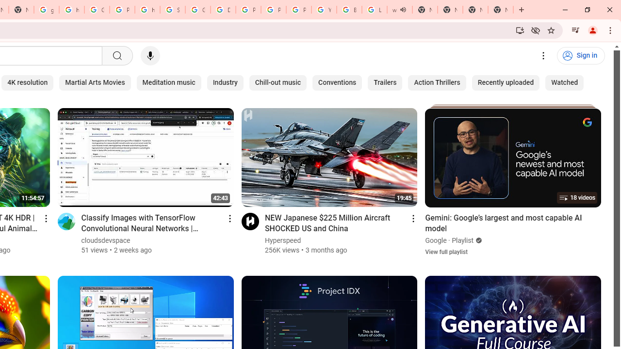  Describe the element at coordinates (273, 10) in the screenshot. I see `'Privacy Help Center - Policies Help'` at that location.